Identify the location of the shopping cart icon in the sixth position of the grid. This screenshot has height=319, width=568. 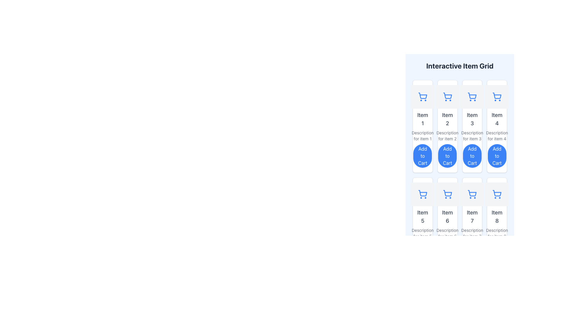
(447, 194).